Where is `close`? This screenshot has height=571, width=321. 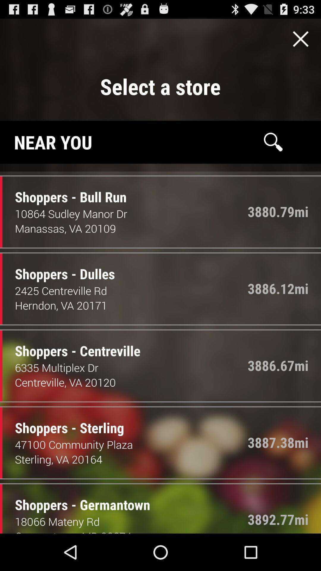
close is located at coordinates (300, 39).